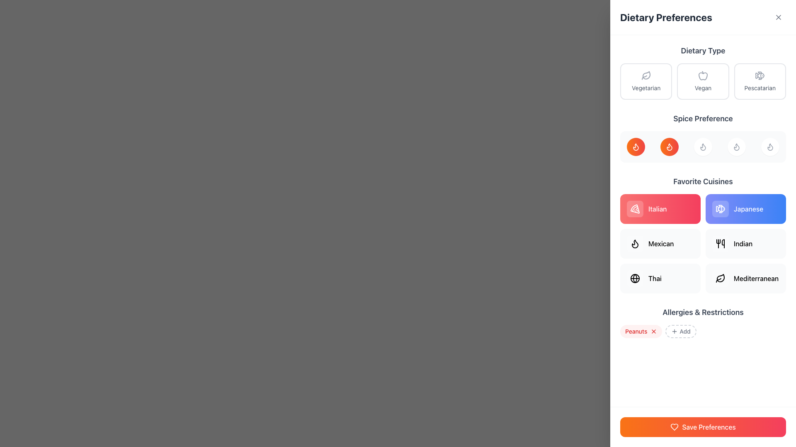  I want to click on the text label that signifies the vegan dietary type option located in the preferences section, positioned below the apple icon, so click(702, 88).